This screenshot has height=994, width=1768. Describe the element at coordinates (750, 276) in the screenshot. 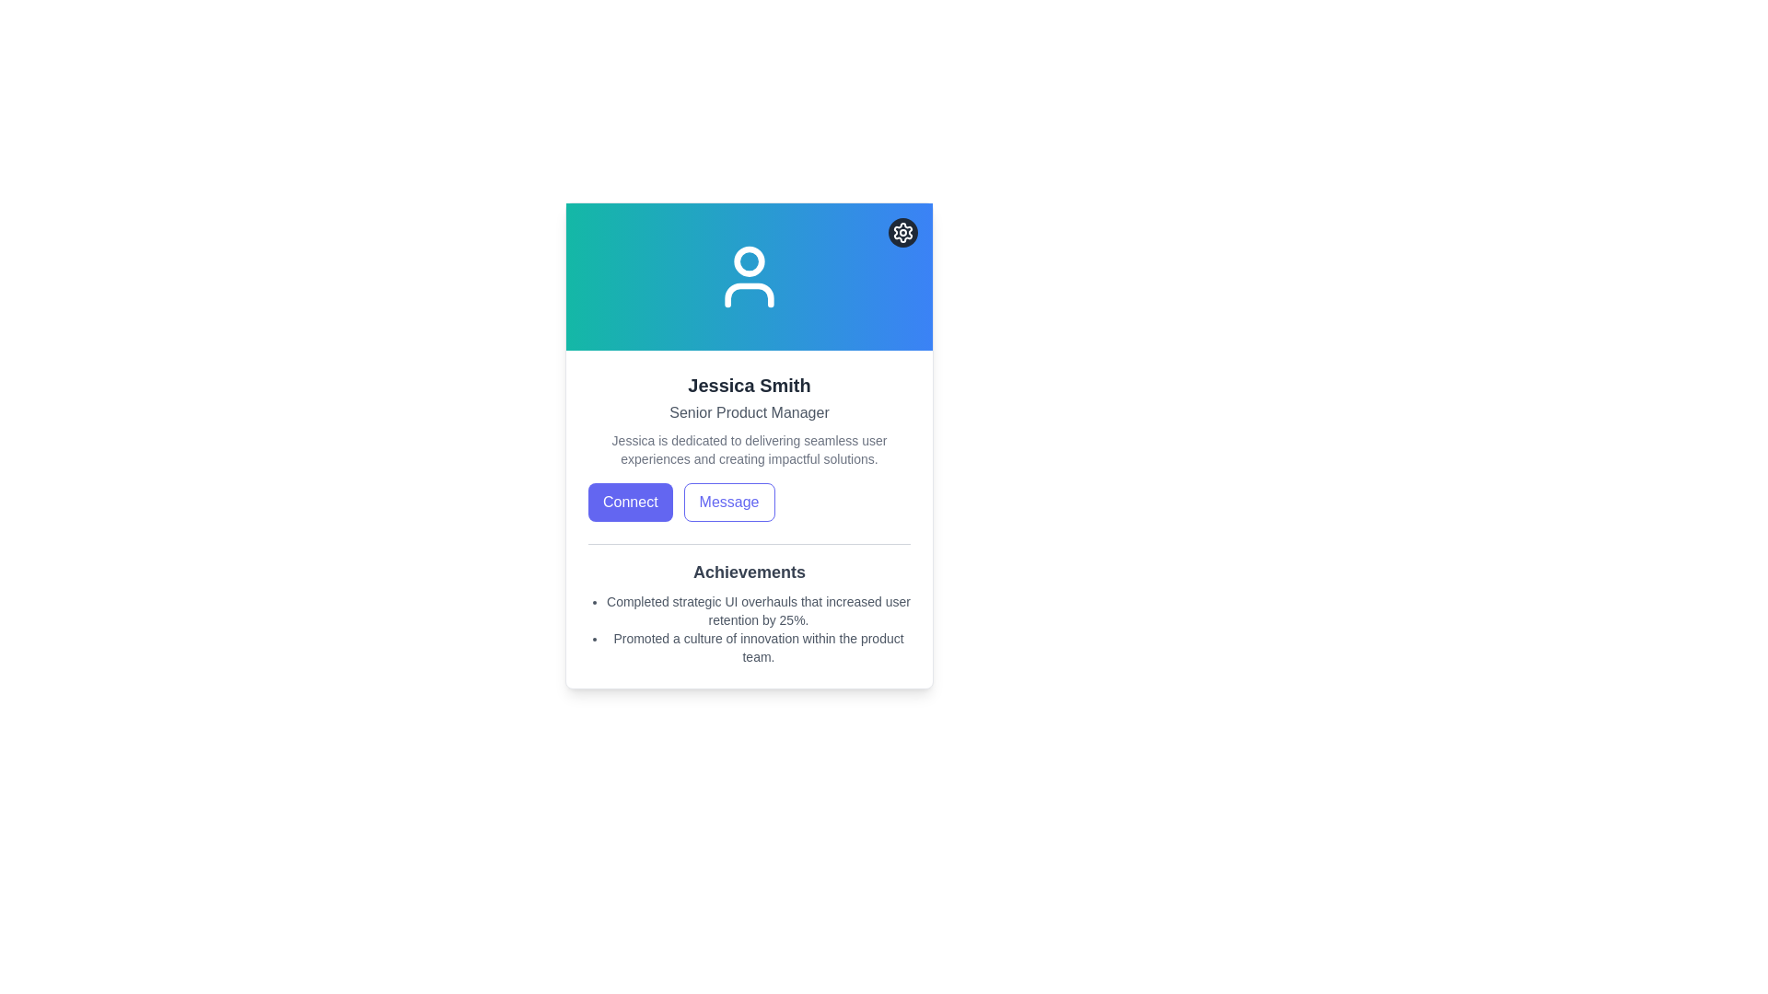

I see `the decorative user profile icon located in the central part of the gradient header section of the card layout, positioned below the gear icon and above the textual elements describing the person's profile` at that location.